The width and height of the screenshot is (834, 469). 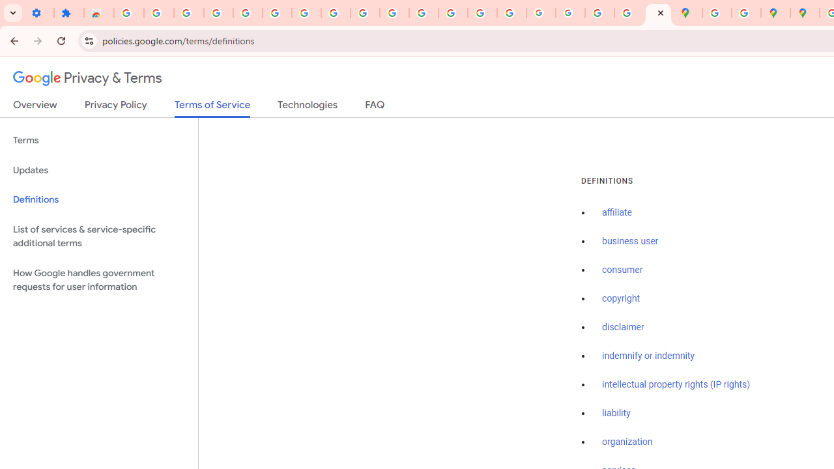 I want to click on 'intellectual property rights (IP rights)', so click(x=676, y=384).